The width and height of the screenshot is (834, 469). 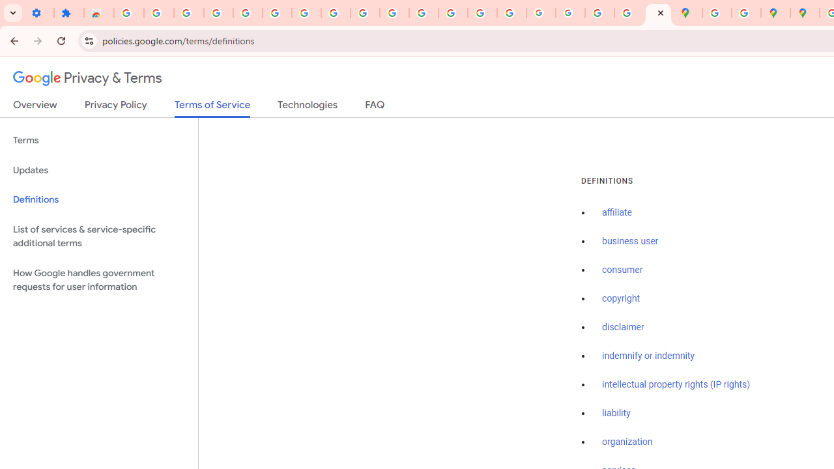 I want to click on 'intellectual property rights (IP rights)', so click(x=676, y=384).